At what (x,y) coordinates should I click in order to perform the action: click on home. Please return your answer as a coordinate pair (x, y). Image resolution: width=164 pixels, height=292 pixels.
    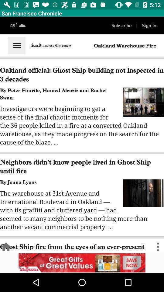
    Looking at the image, I should click on (5, 247).